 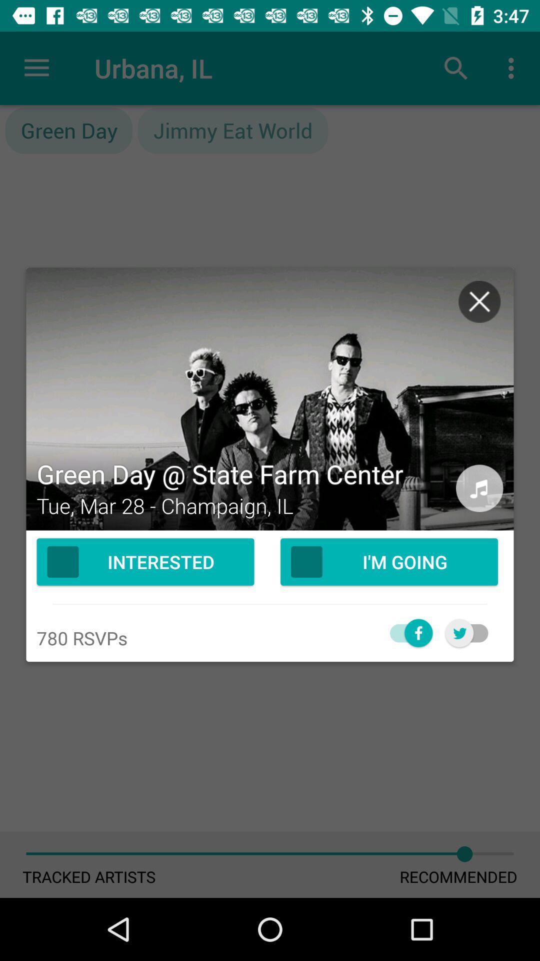 I want to click on autoplay option, so click(x=405, y=632).